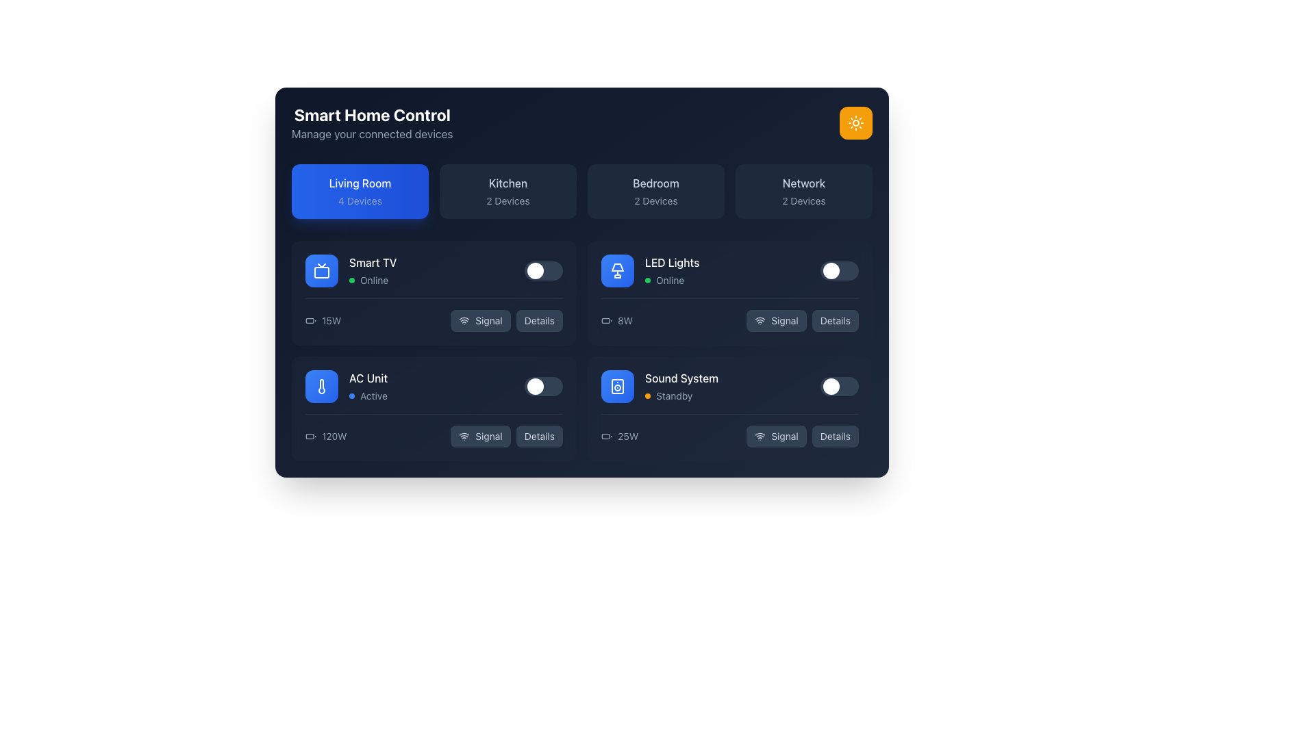  Describe the element at coordinates (617, 386) in the screenshot. I see `the speaker icon in the 'Sound System' section` at that location.